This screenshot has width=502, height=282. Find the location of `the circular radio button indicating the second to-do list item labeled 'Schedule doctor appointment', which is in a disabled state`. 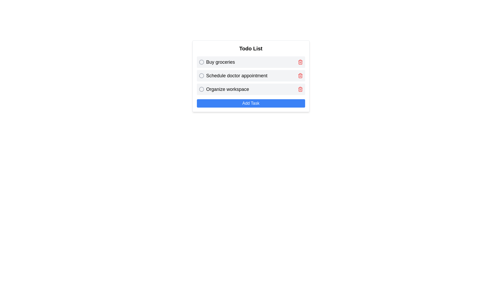

the circular radio button indicating the second to-do list item labeled 'Schedule doctor appointment', which is in a disabled state is located at coordinates (201, 75).